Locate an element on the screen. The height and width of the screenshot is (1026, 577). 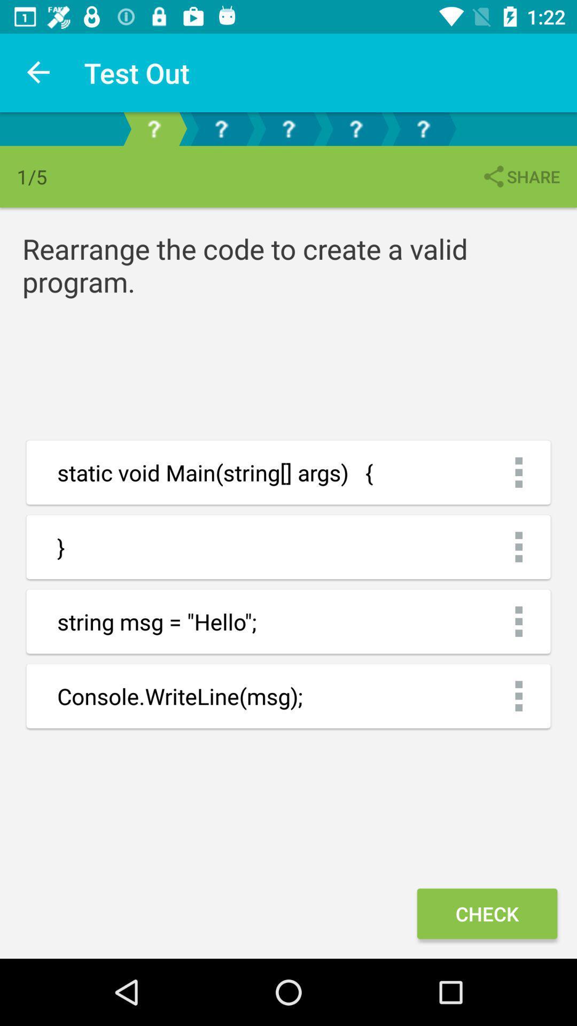
page 4 is located at coordinates (356, 128).